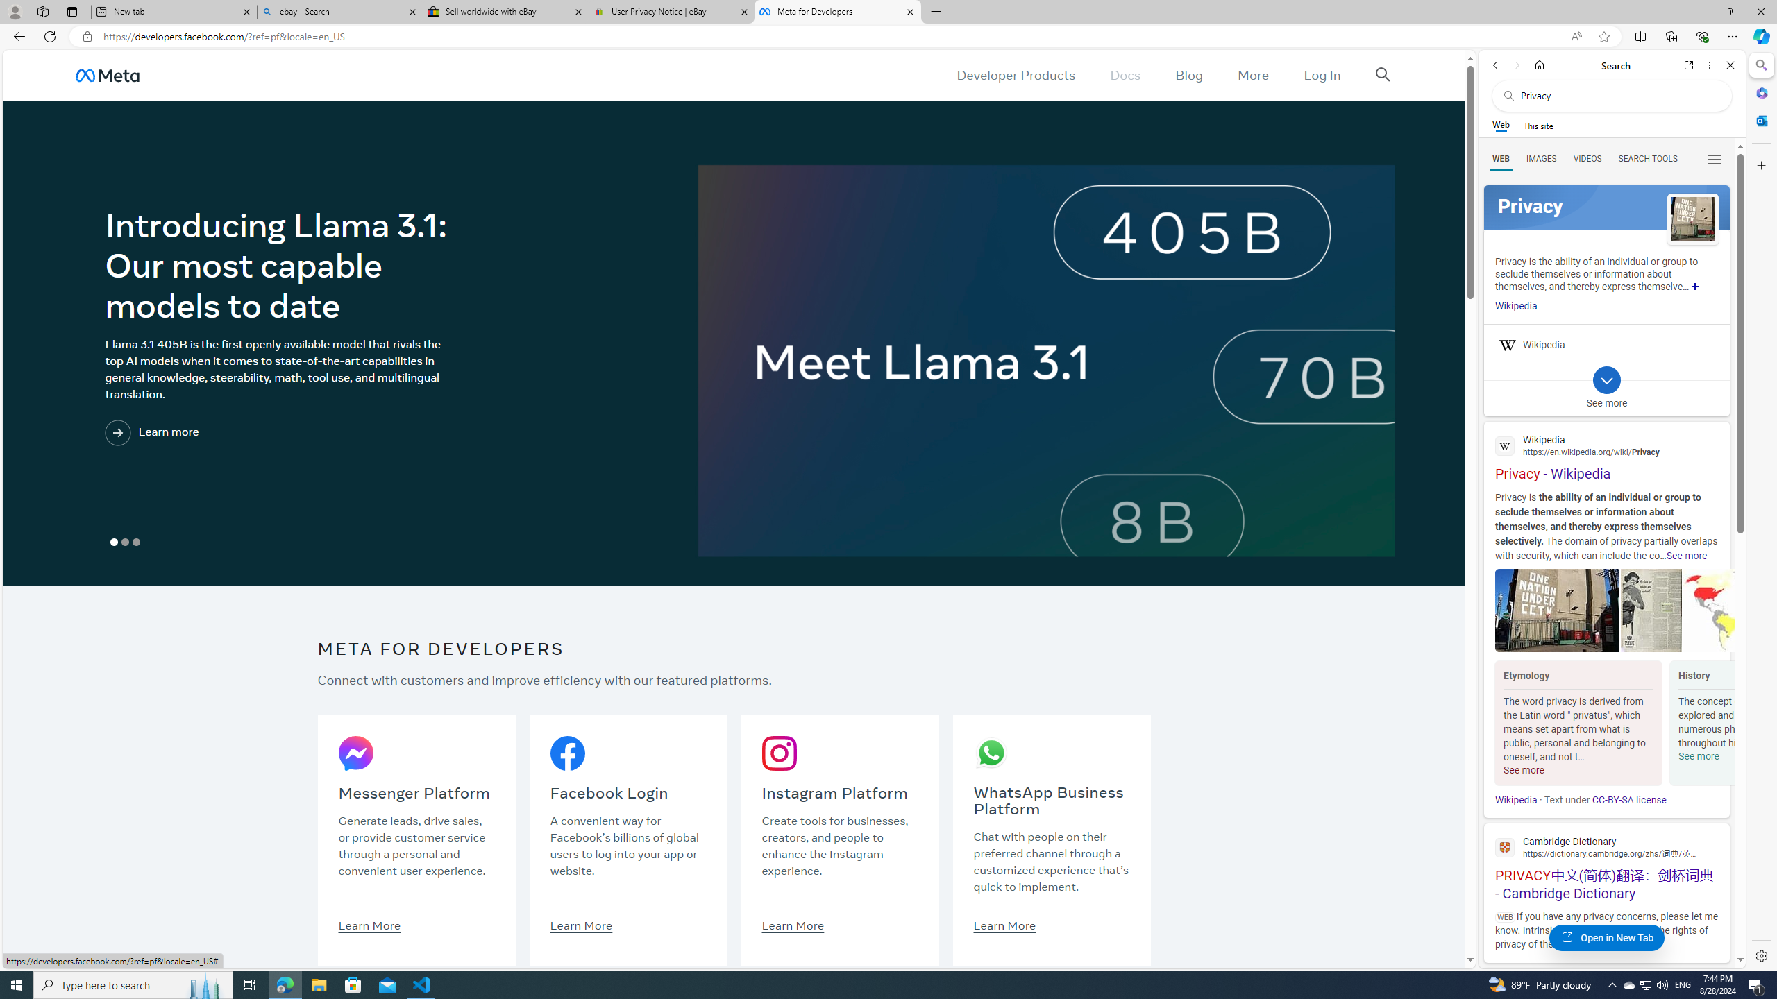 The image size is (1777, 999). I want to click on 'Show more', so click(1694, 287).